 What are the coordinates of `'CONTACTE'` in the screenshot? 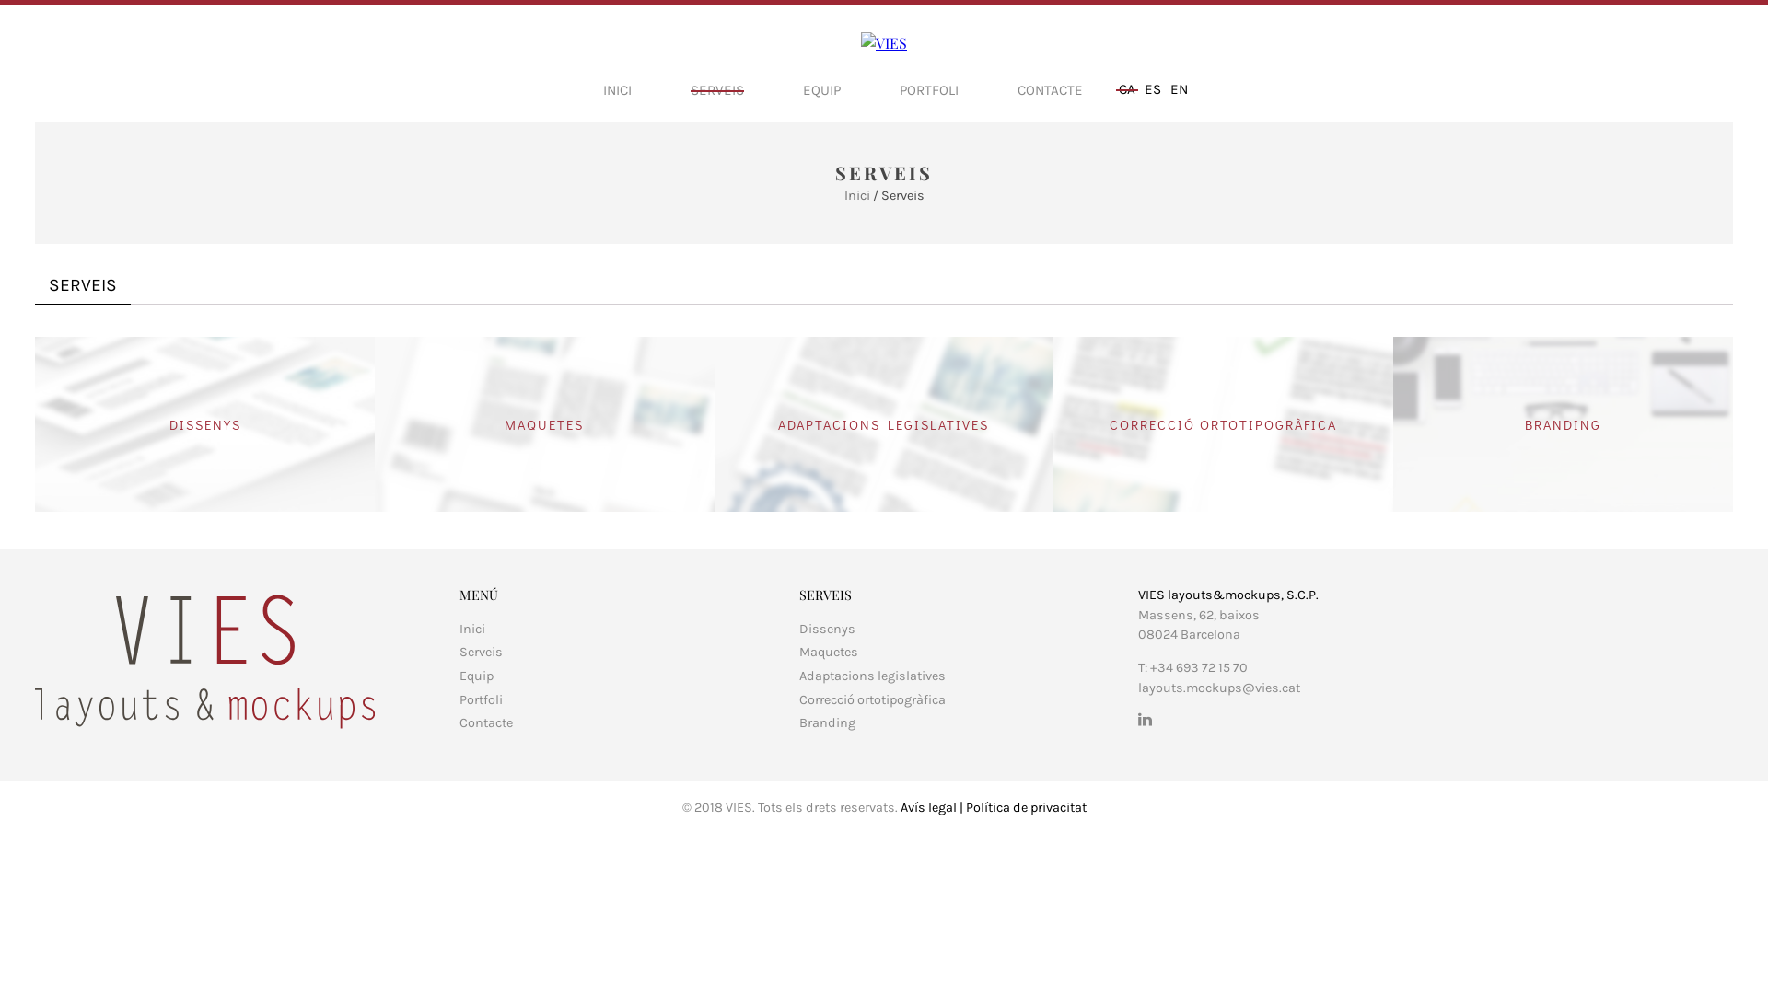 It's located at (1050, 89).